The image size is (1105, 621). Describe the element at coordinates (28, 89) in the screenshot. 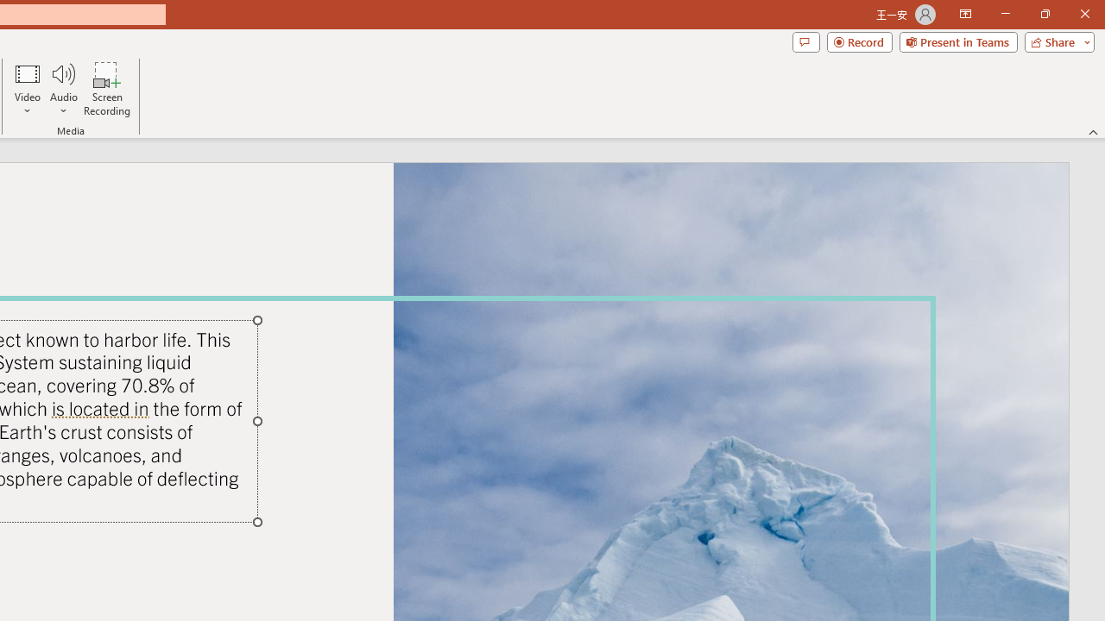

I see `'Video'` at that location.